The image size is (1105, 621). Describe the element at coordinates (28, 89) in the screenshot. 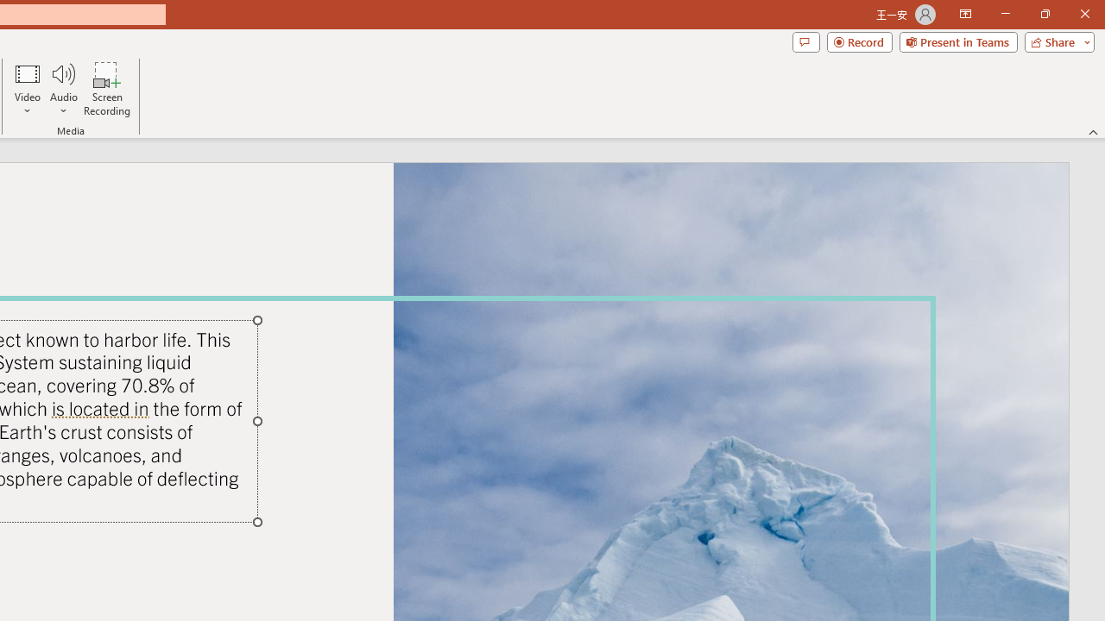

I see `'Video'` at that location.